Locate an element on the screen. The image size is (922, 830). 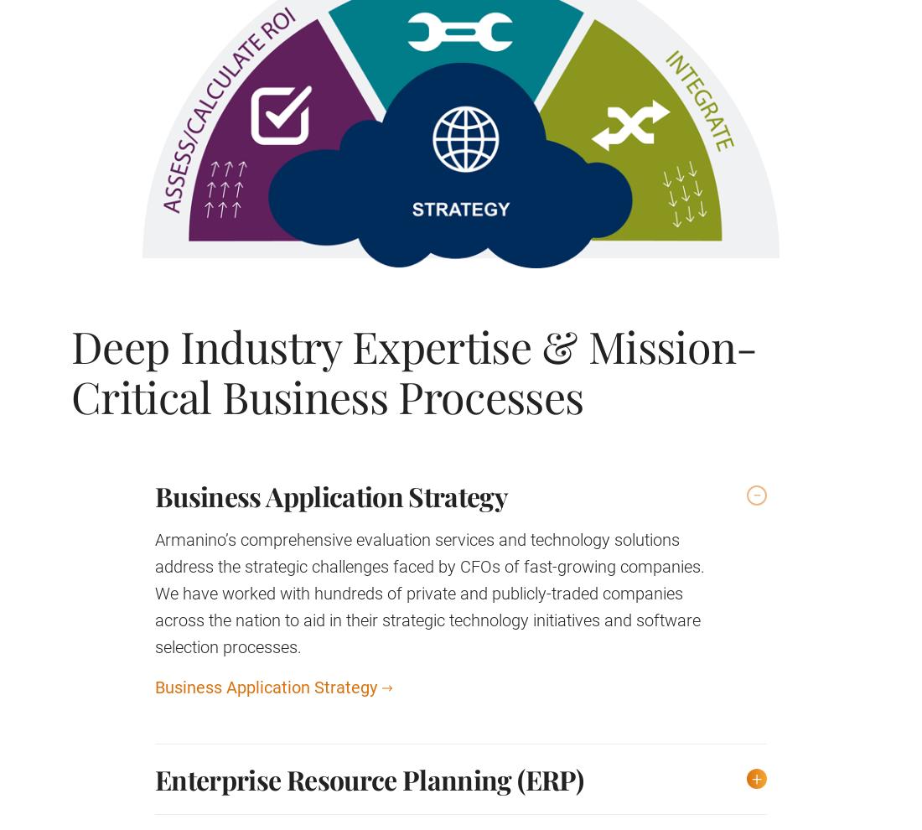
'Apply now' is located at coordinates (317, 354).